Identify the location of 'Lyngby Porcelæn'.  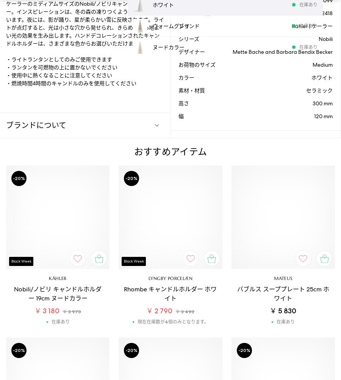
(148, 278).